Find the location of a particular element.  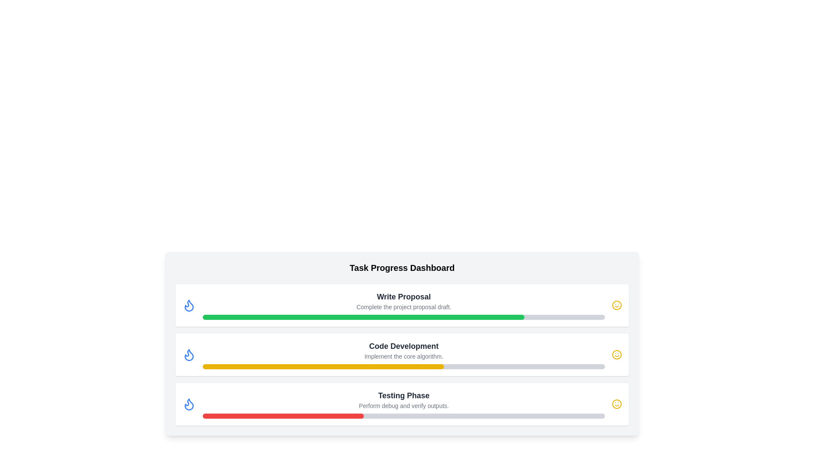

the blue flame-shaped icon located to the left of the 'Code Development' title in the second row of the task list is located at coordinates (189, 355).